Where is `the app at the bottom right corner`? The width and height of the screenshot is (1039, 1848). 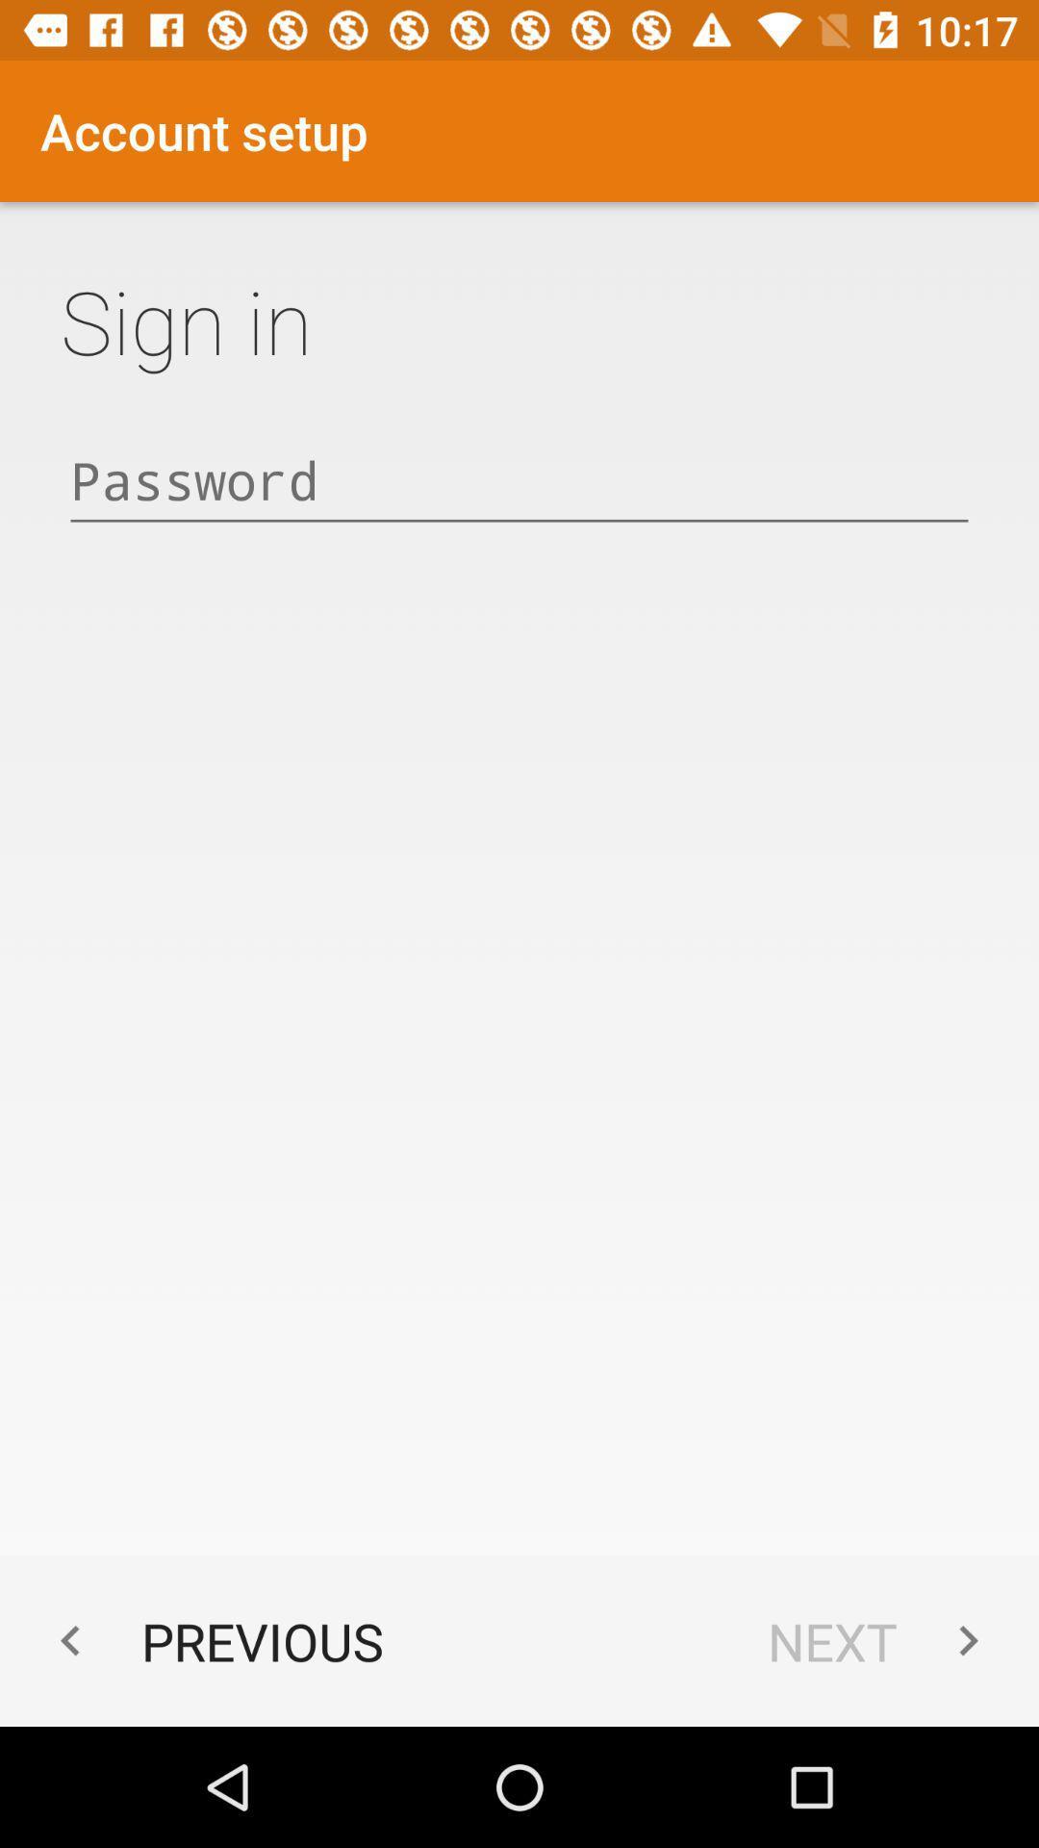 the app at the bottom right corner is located at coordinates (883, 1640).